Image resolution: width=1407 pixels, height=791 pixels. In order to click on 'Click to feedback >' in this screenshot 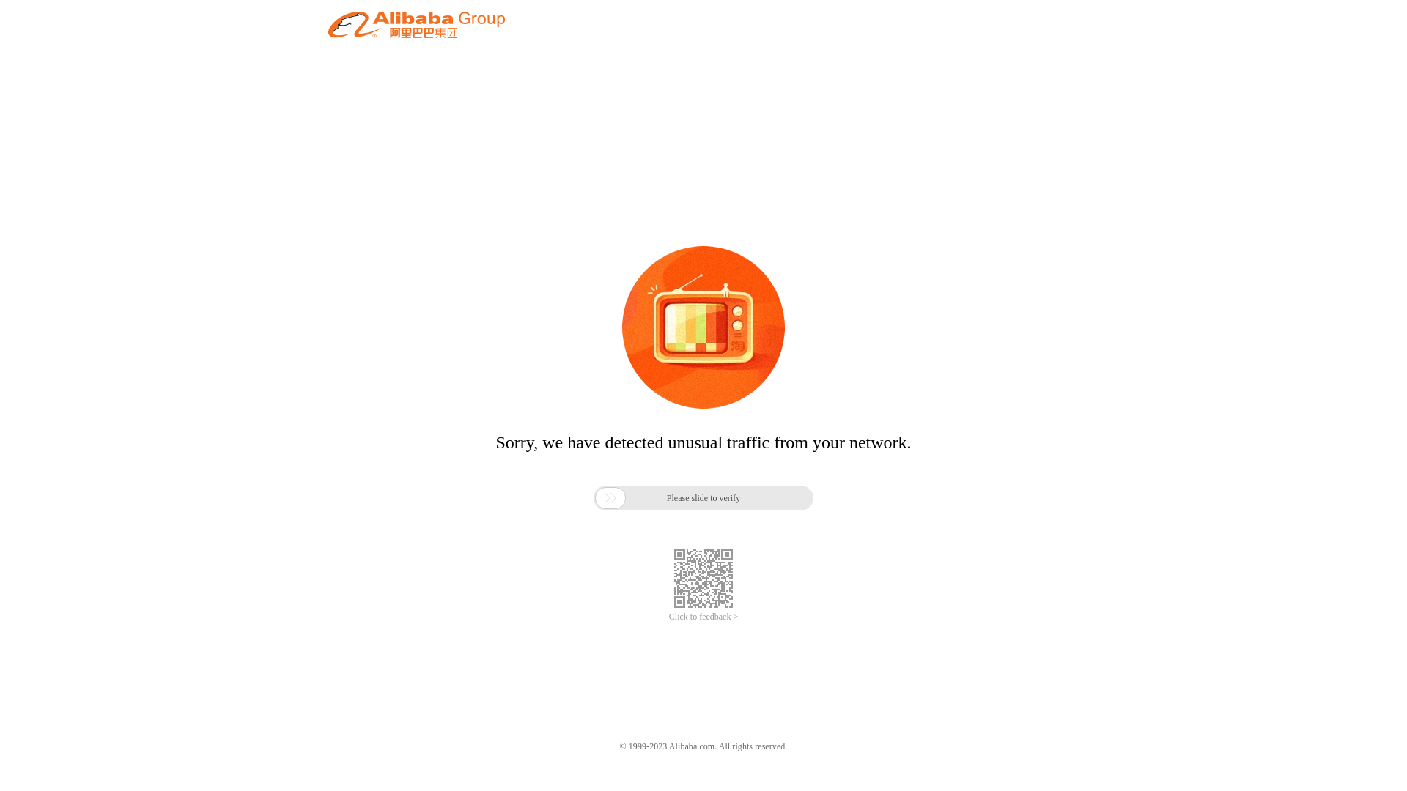, I will do `click(703, 617)`.